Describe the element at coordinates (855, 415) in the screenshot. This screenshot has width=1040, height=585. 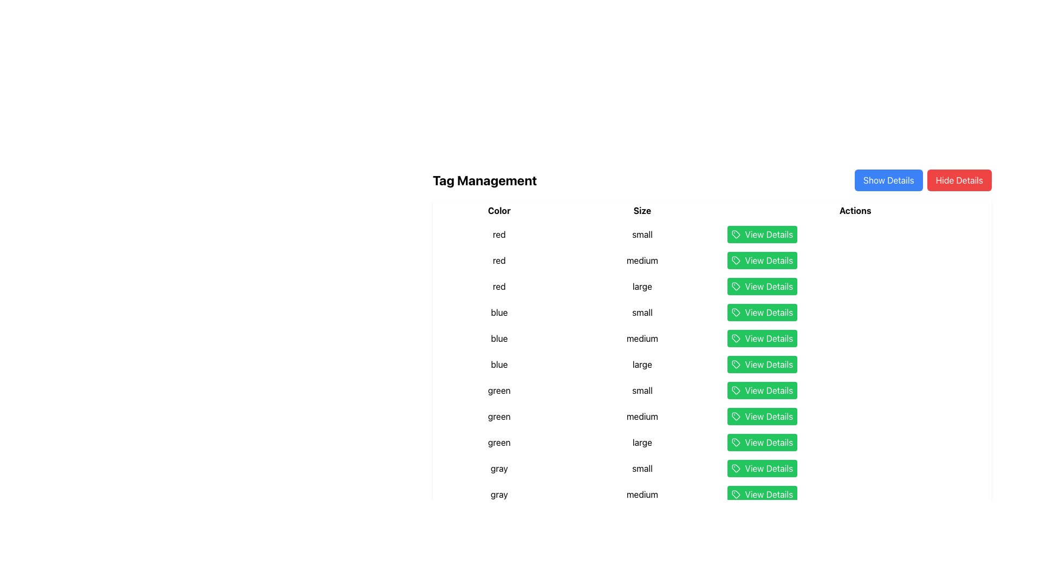
I see `the action button located in the rightmost column of the table corresponding to 'green' in the Color column and 'medium' in the Size column` at that location.